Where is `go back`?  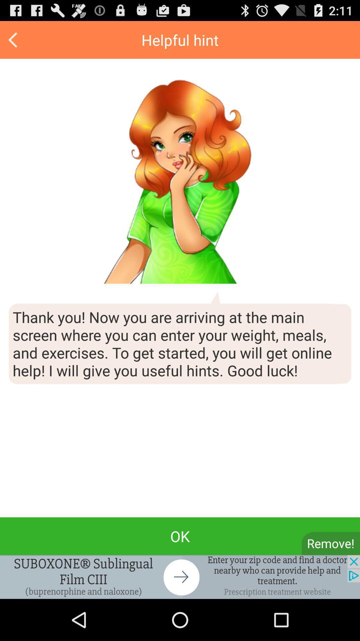
go back is located at coordinates (14, 39).